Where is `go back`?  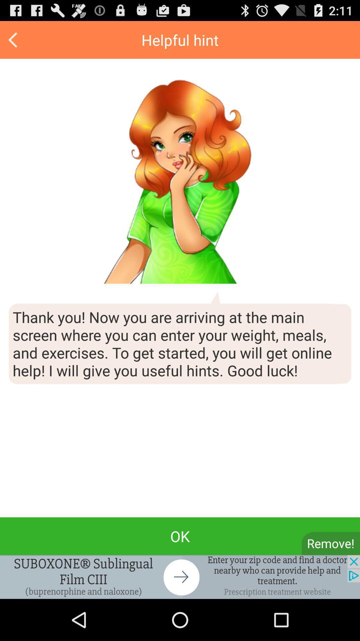
go back is located at coordinates (14, 39).